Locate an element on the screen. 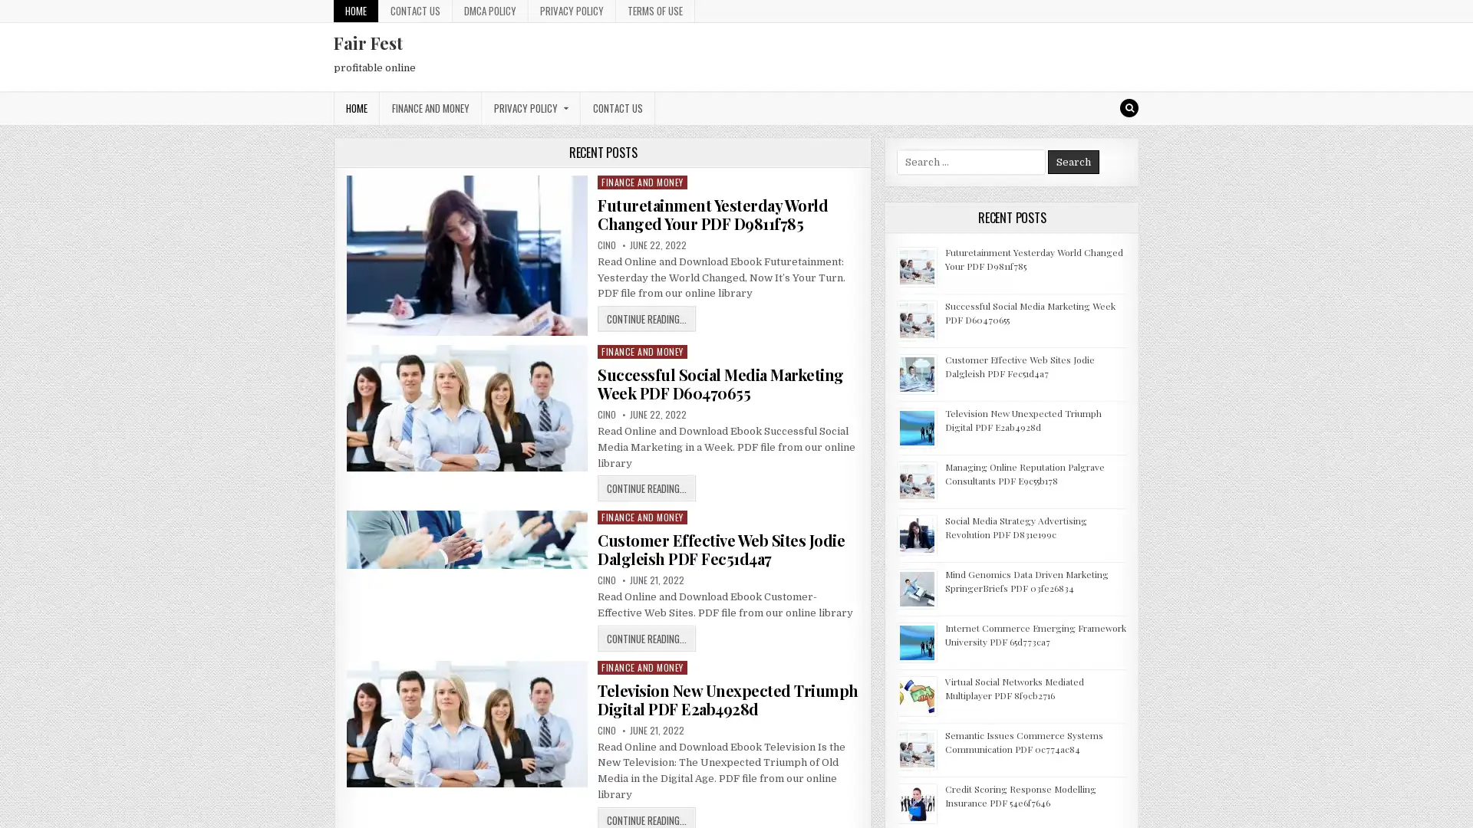 Image resolution: width=1473 pixels, height=828 pixels. Search is located at coordinates (1073, 162).